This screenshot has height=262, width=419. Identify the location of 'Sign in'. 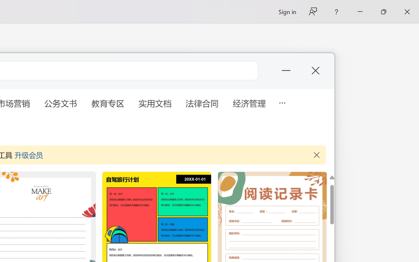
(287, 11).